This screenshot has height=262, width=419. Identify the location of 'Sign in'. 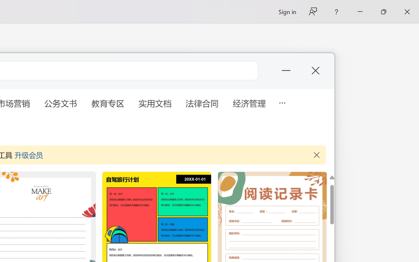
(287, 11).